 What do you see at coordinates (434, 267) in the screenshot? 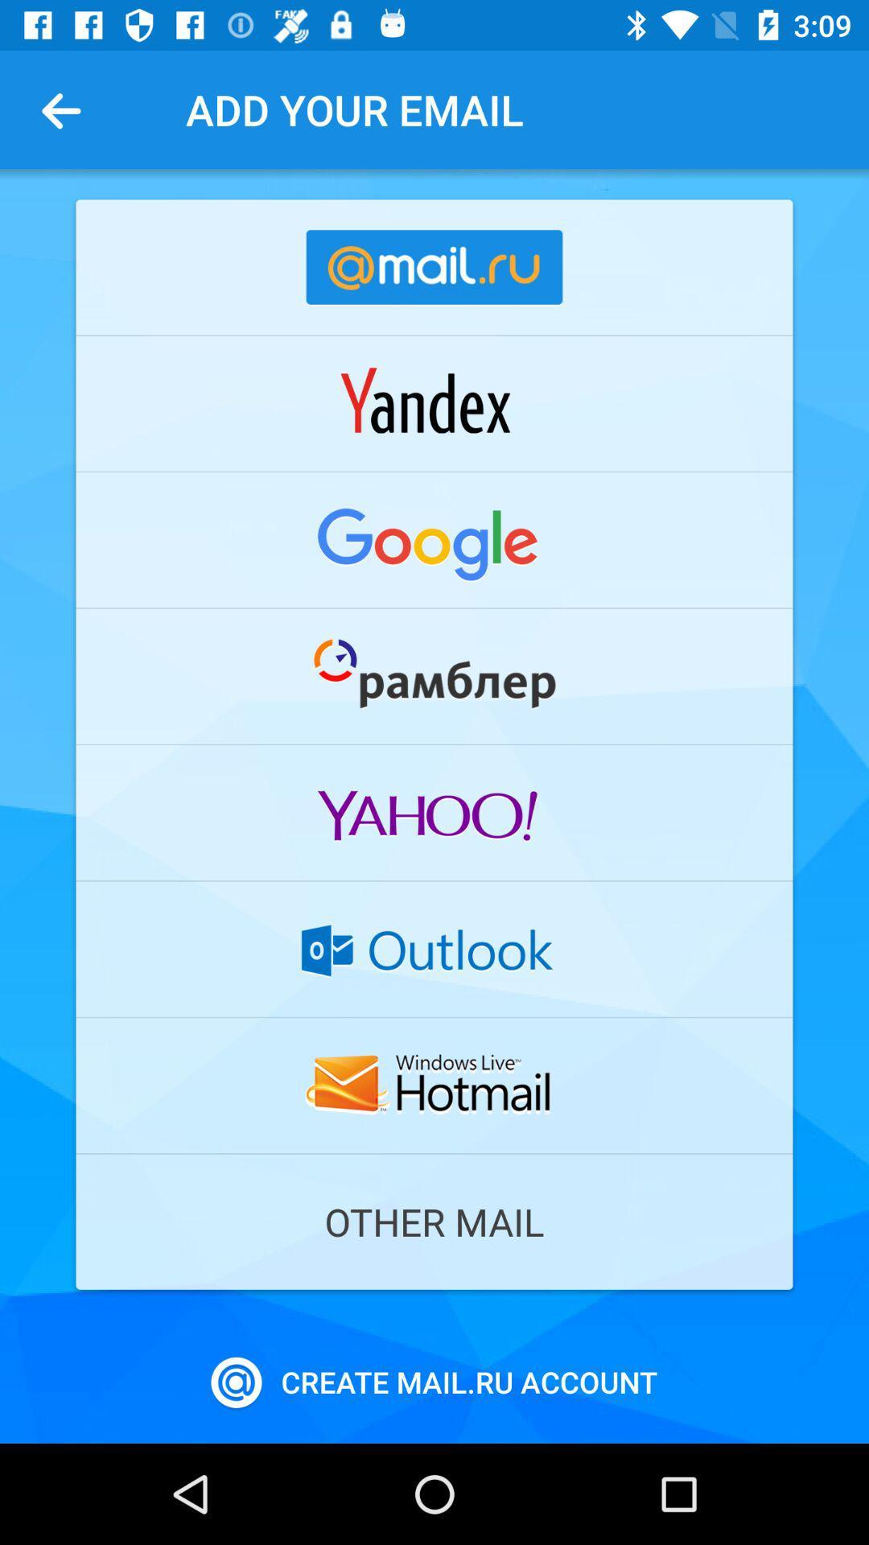
I see `mail.ru selection box` at bounding box center [434, 267].